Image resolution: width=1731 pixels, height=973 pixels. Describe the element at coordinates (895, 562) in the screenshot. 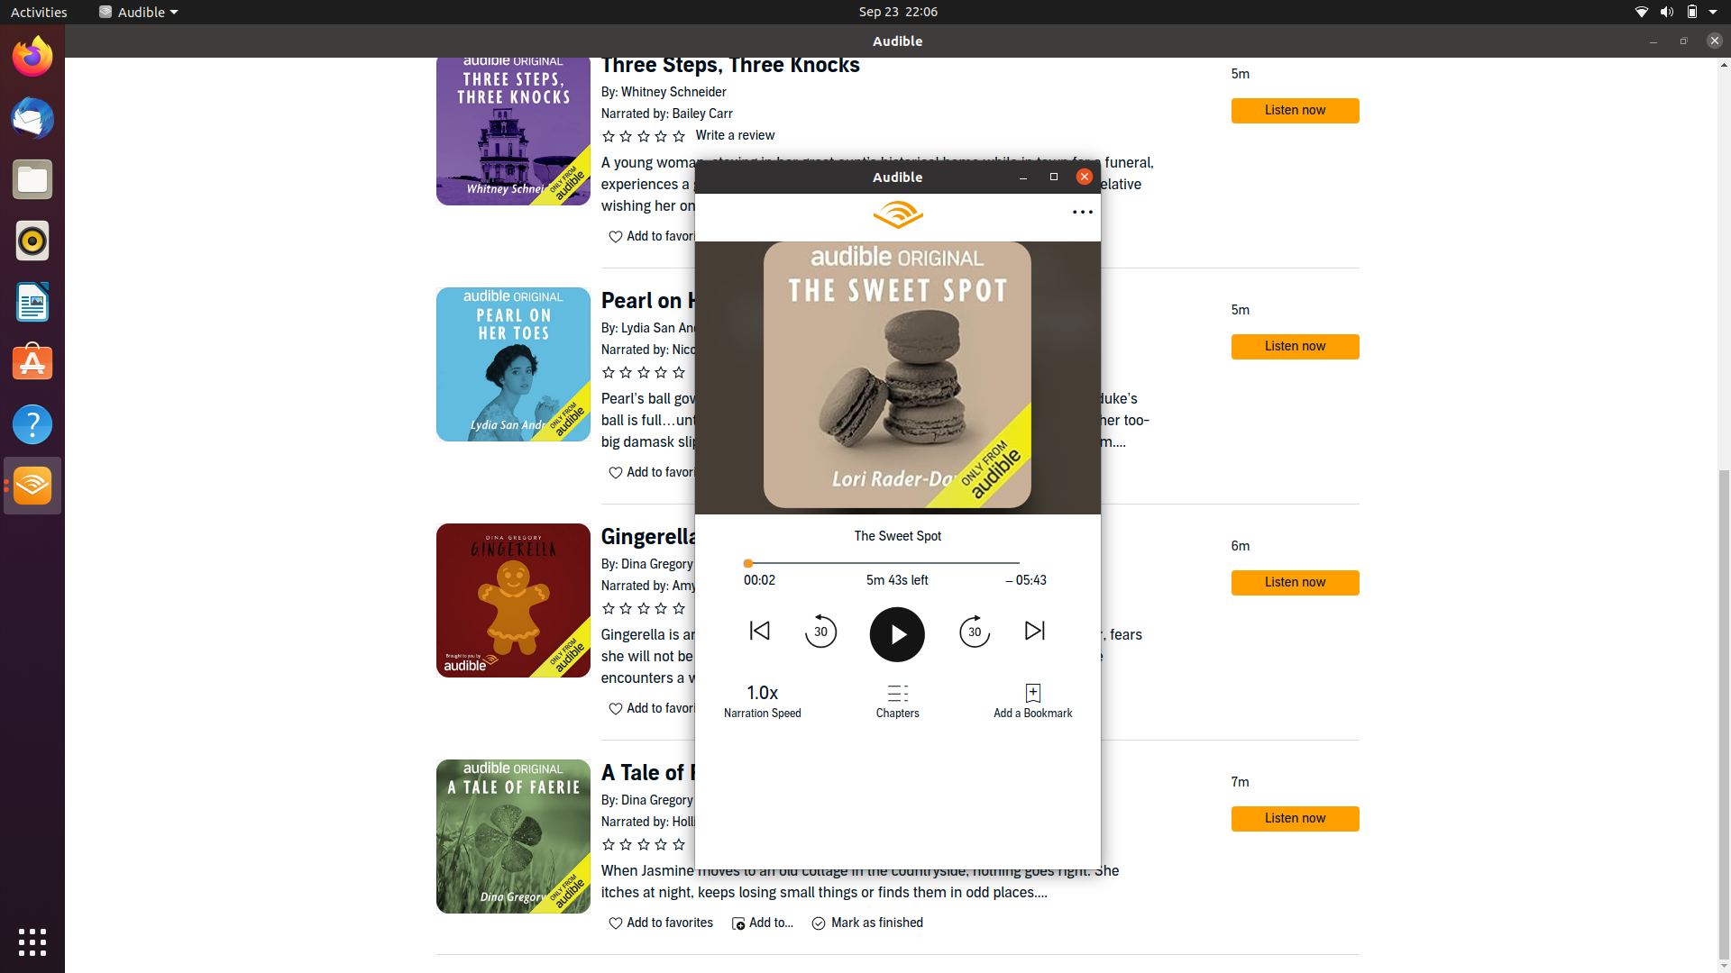

I see `Go to the middle of the book` at that location.